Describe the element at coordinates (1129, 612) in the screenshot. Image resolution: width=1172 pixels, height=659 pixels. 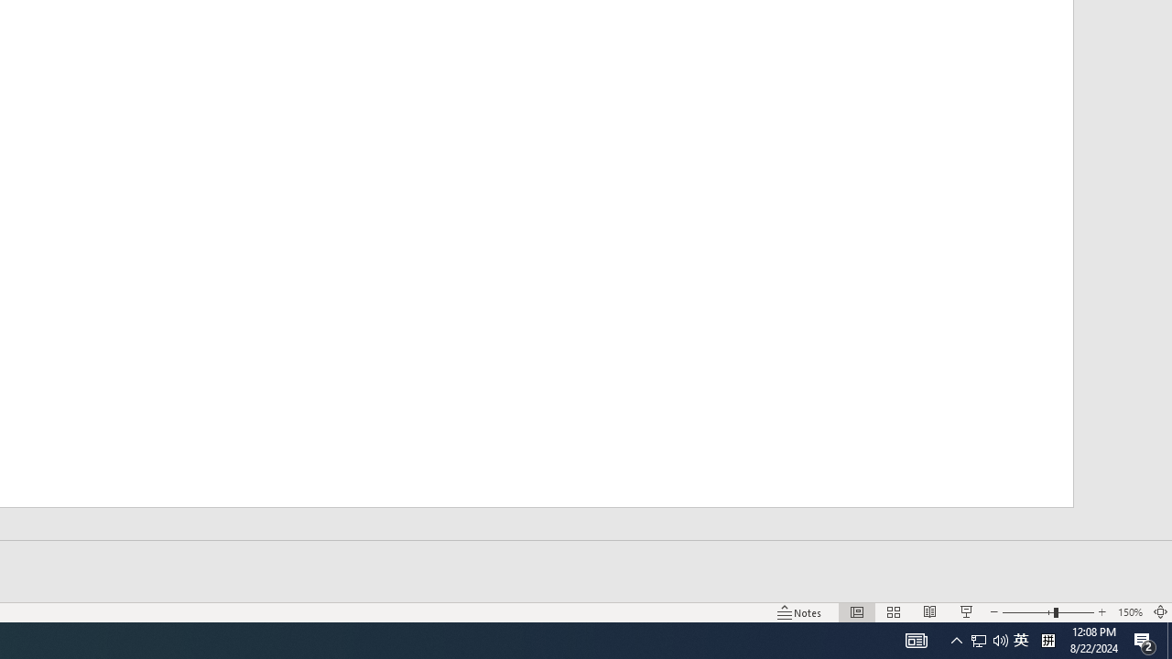
I see `'Zoom 150%'` at that location.